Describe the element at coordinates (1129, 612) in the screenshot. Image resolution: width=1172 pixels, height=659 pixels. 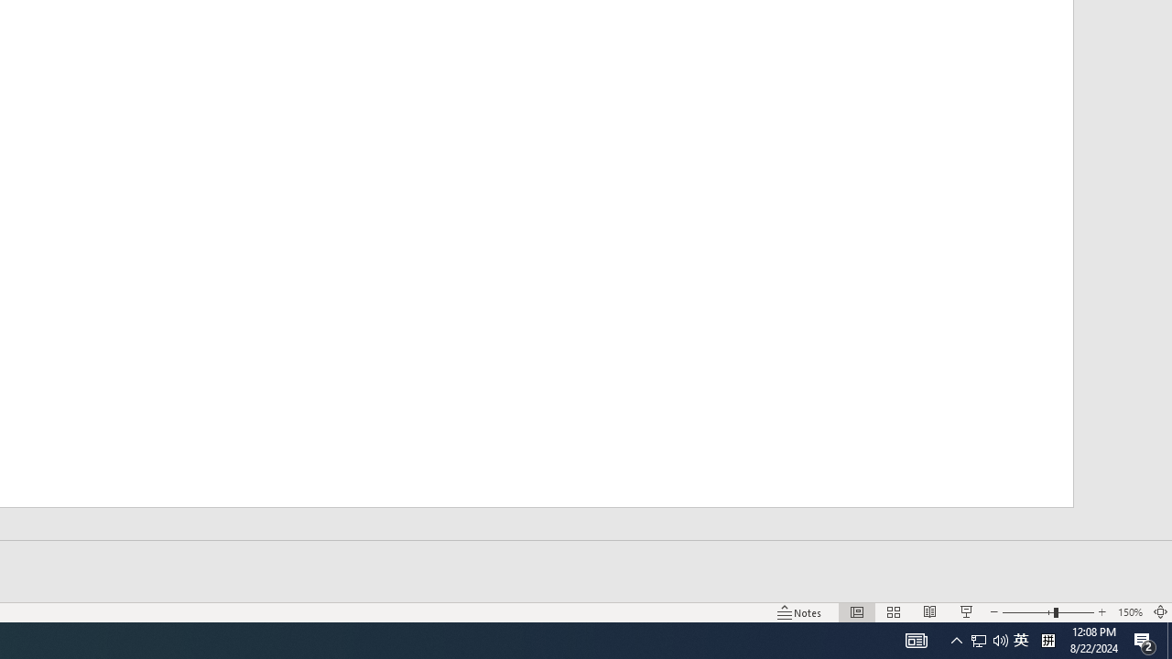
I see `'Zoom 150%'` at that location.